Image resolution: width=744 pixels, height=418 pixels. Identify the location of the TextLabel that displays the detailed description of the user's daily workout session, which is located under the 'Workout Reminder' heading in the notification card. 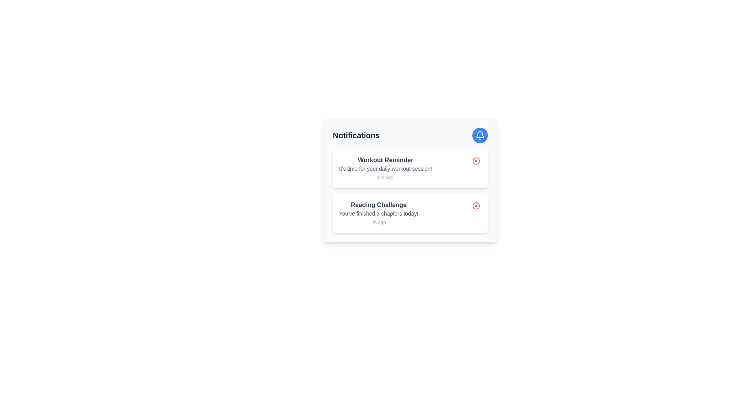
(385, 168).